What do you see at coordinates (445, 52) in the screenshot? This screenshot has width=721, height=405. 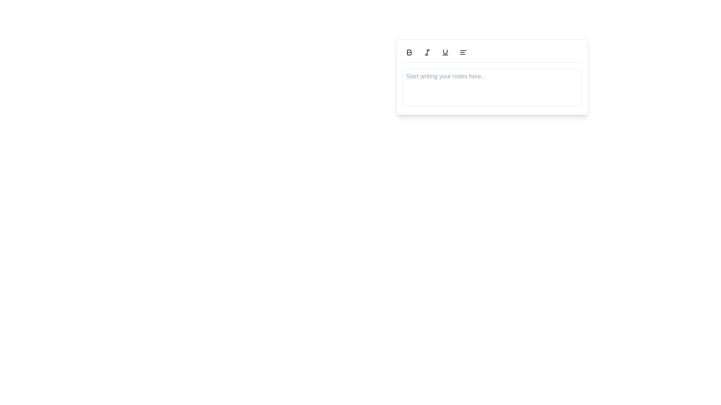 I see `the U-shaped underline icon button in the text formatting toolbar` at bounding box center [445, 52].